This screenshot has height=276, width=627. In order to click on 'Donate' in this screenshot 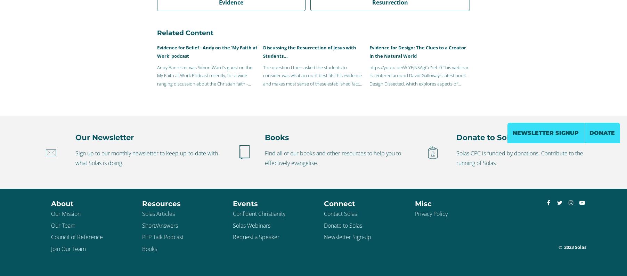, I will do `click(602, 133)`.